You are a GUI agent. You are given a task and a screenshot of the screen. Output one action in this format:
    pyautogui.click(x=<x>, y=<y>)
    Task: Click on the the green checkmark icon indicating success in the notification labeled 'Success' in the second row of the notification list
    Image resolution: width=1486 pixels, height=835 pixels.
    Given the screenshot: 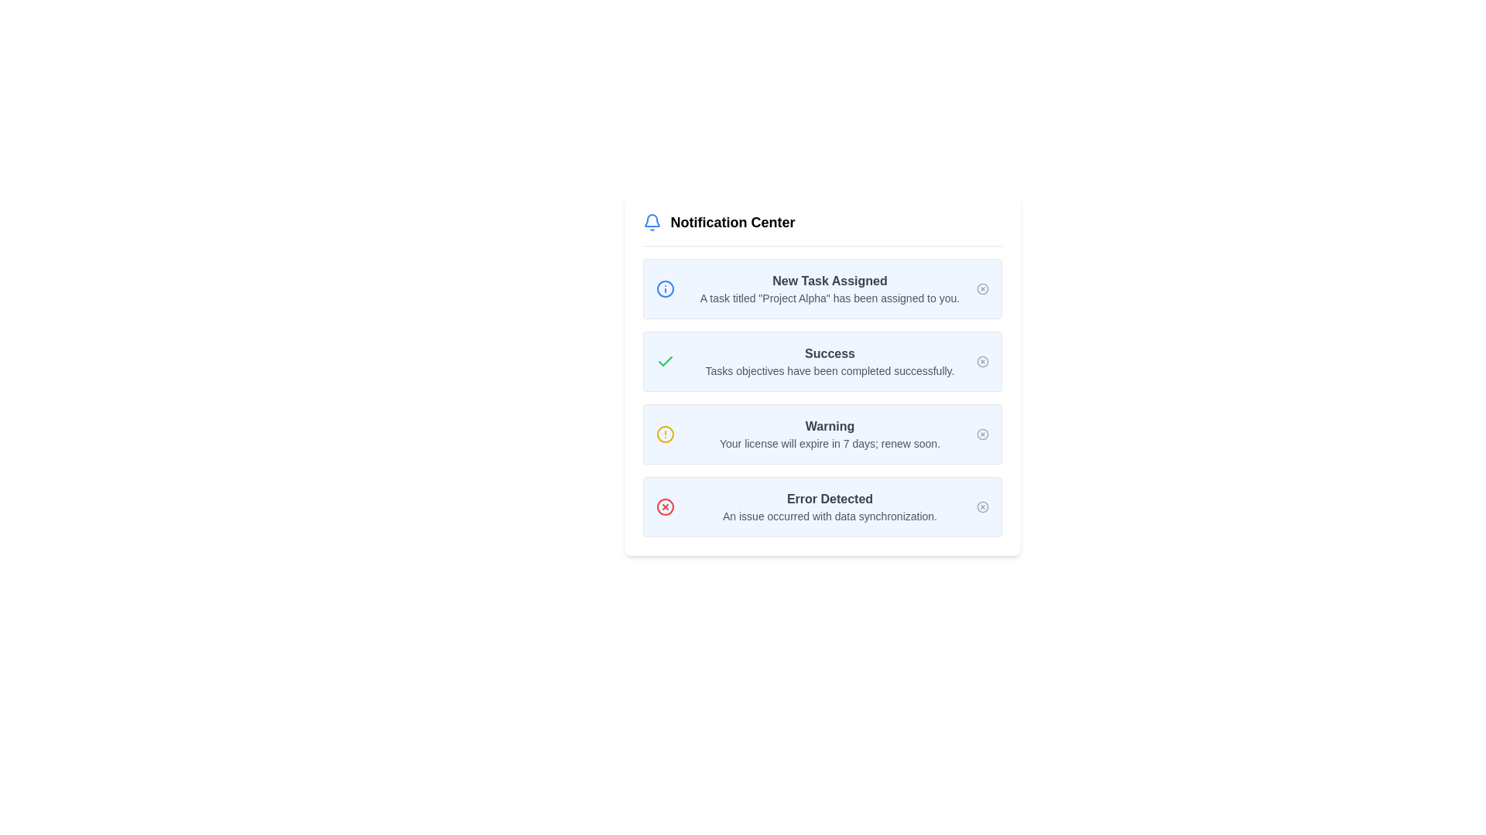 What is the action you would take?
    pyautogui.click(x=665, y=361)
    